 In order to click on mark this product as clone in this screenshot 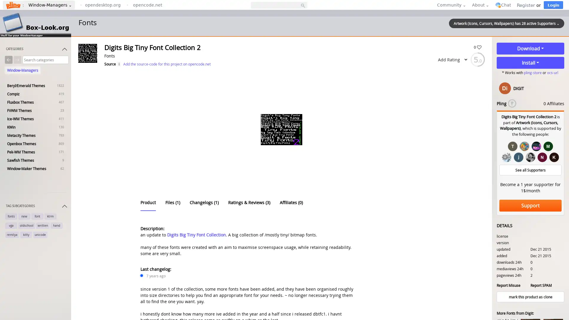, I will do `click(530, 297)`.